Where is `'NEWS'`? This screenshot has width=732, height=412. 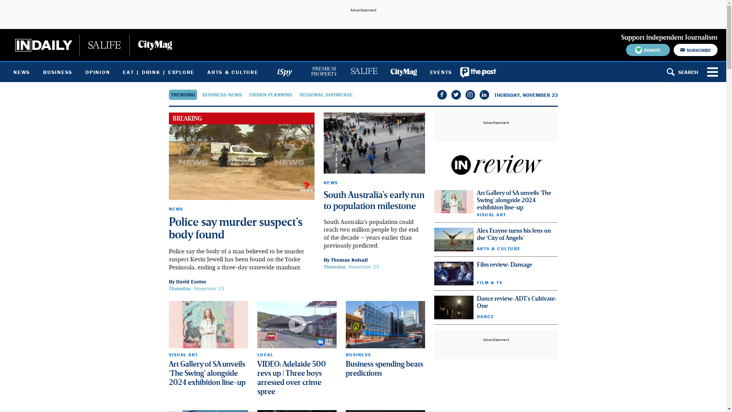
'NEWS' is located at coordinates (175, 209).